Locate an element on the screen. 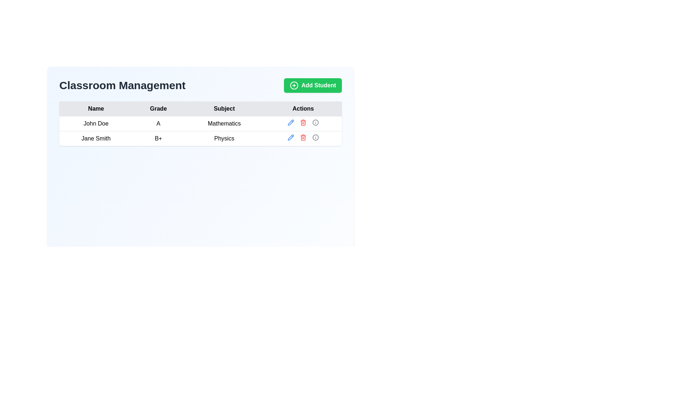 The width and height of the screenshot is (699, 393). the circular information icon with a gray border located is located at coordinates (315, 122).